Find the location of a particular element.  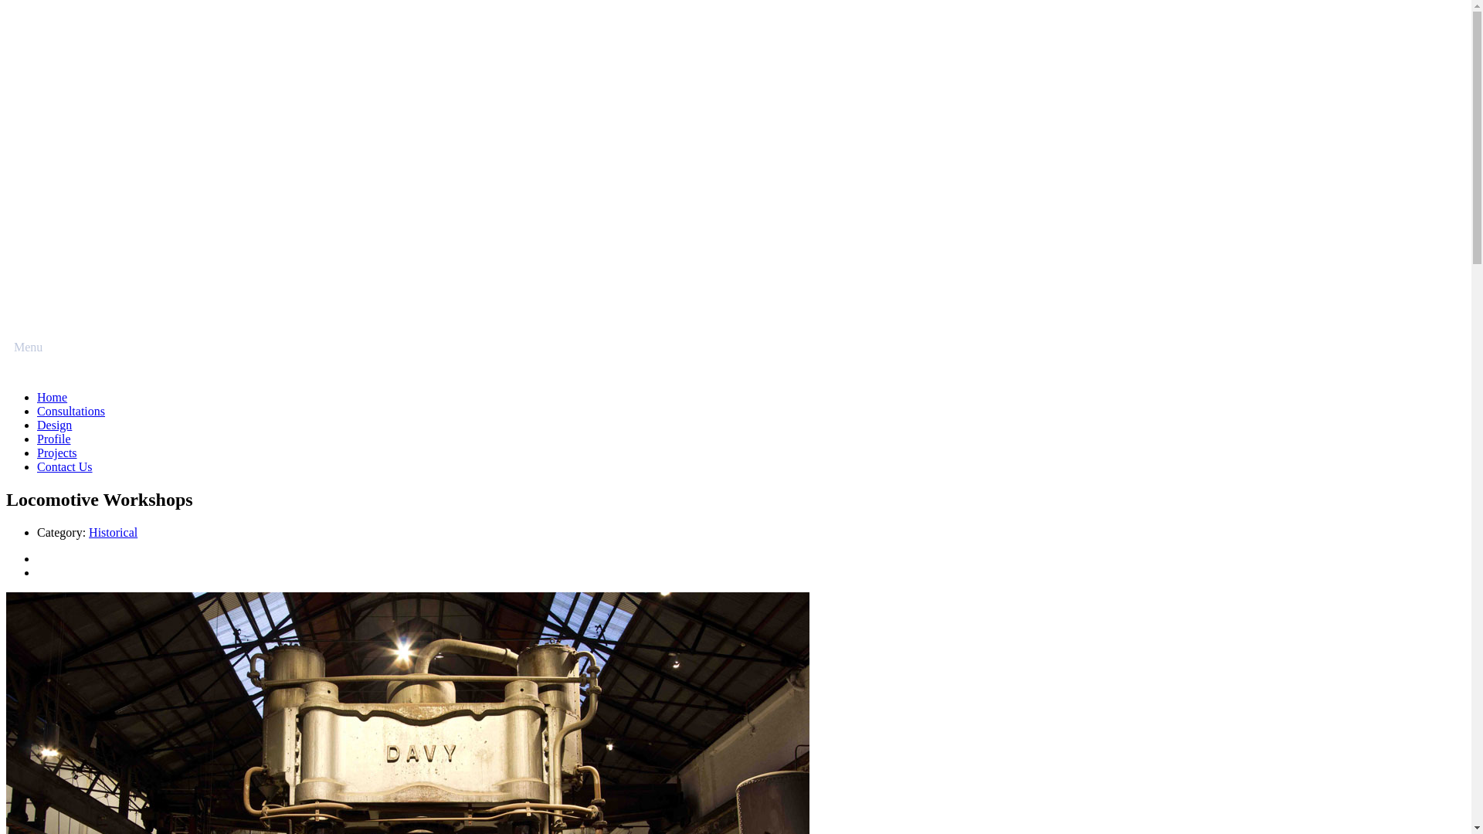

'Contact Us' is located at coordinates (63, 466).